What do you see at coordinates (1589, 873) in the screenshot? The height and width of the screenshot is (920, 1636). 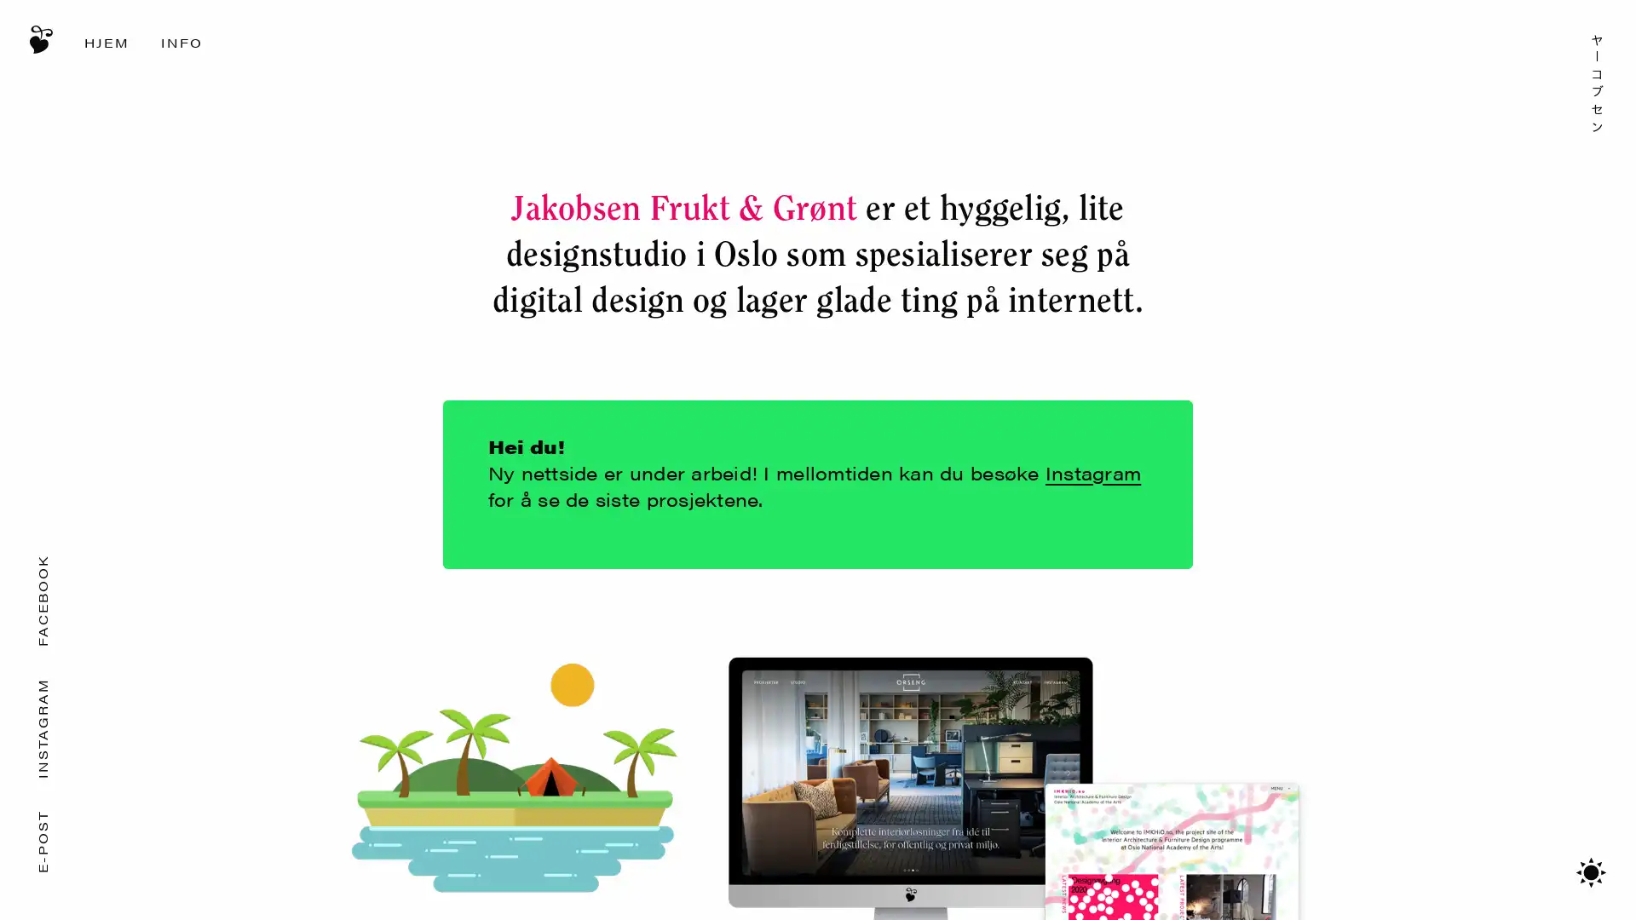 I see `Bytt mellom mrkt/lyst tema` at bounding box center [1589, 873].